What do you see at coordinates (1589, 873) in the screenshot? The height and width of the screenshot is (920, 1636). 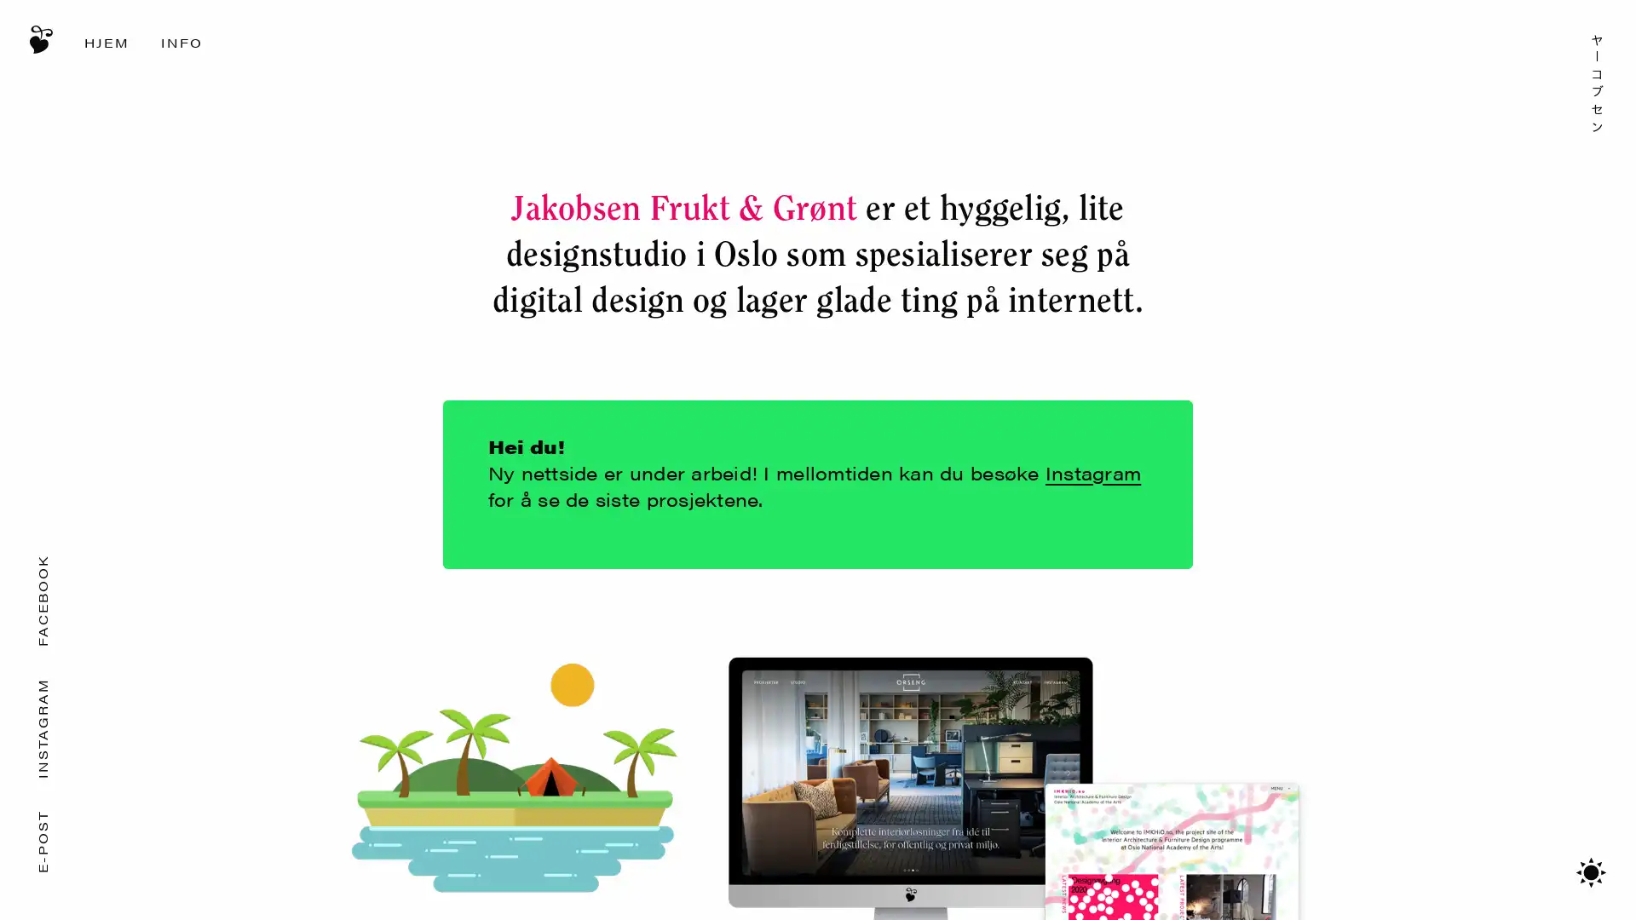 I see `Bytt mellom mrkt/lyst tema` at bounding box center [1589, 873].